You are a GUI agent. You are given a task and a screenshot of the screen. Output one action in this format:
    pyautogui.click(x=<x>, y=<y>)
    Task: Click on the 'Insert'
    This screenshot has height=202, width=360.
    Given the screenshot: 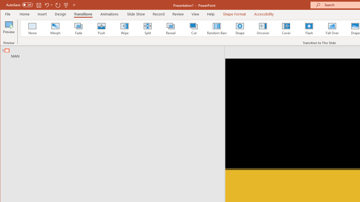 What is the action you would take?
    pyautogui.click(x=42, y=14)
    